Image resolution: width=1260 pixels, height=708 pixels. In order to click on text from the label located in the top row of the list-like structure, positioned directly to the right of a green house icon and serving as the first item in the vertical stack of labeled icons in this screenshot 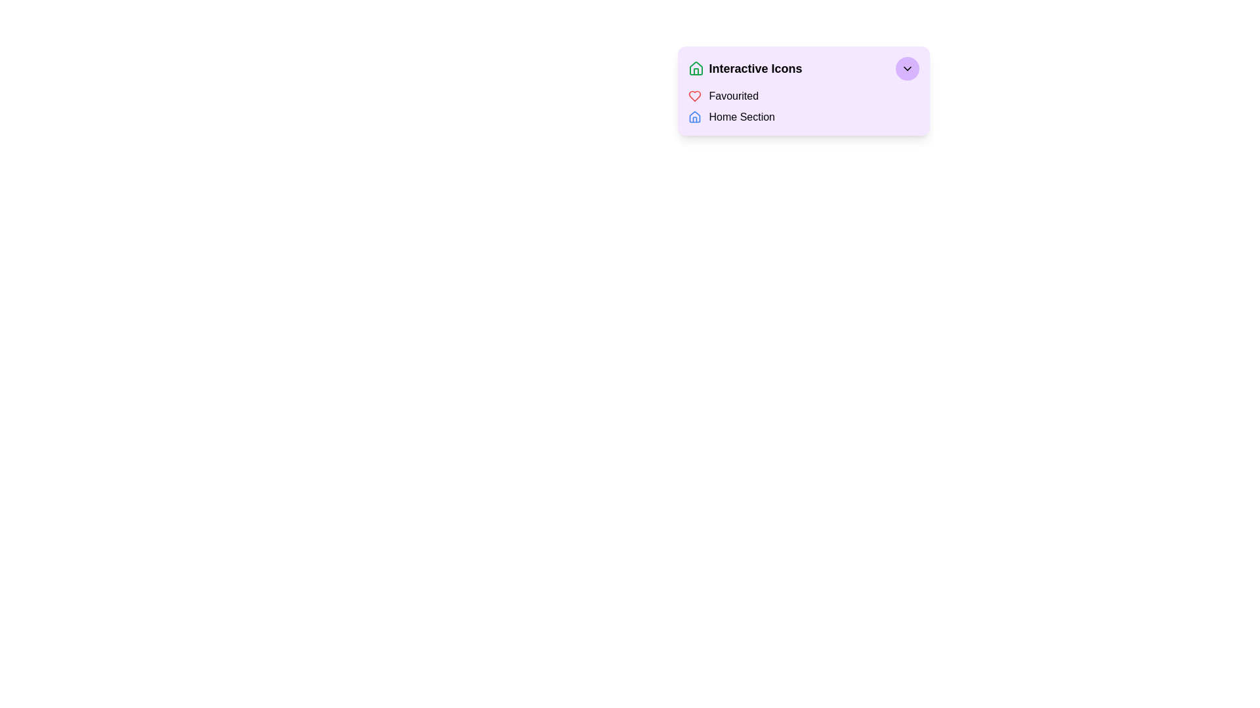, I will do `click(755, 68)`.